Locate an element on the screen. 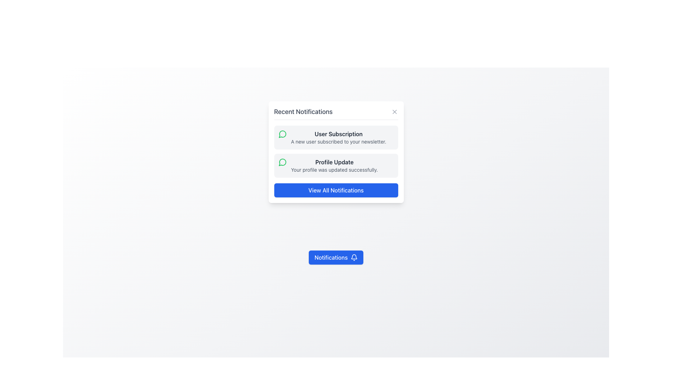  information displayed in the text block titled 'User Subscription' that includes the description 'A new user subscribed to your newsletter.' is located at coordinates (338, 137).